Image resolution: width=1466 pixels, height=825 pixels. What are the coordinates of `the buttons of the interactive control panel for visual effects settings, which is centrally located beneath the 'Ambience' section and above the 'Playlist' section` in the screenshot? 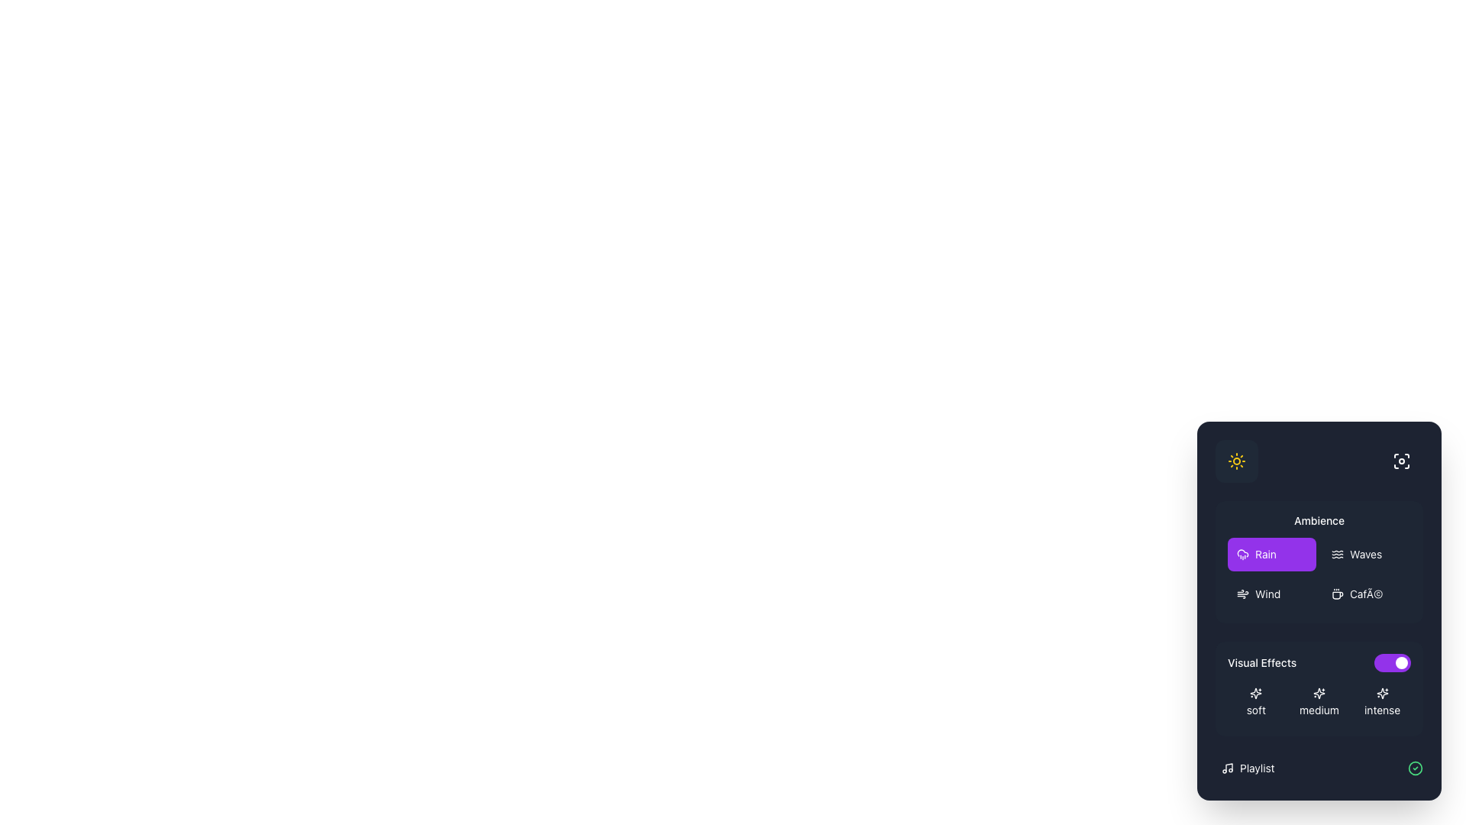 It's located at (1319, 642).